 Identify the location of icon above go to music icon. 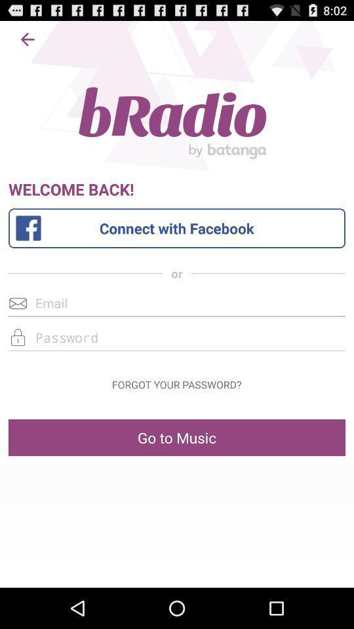
(176, 385).